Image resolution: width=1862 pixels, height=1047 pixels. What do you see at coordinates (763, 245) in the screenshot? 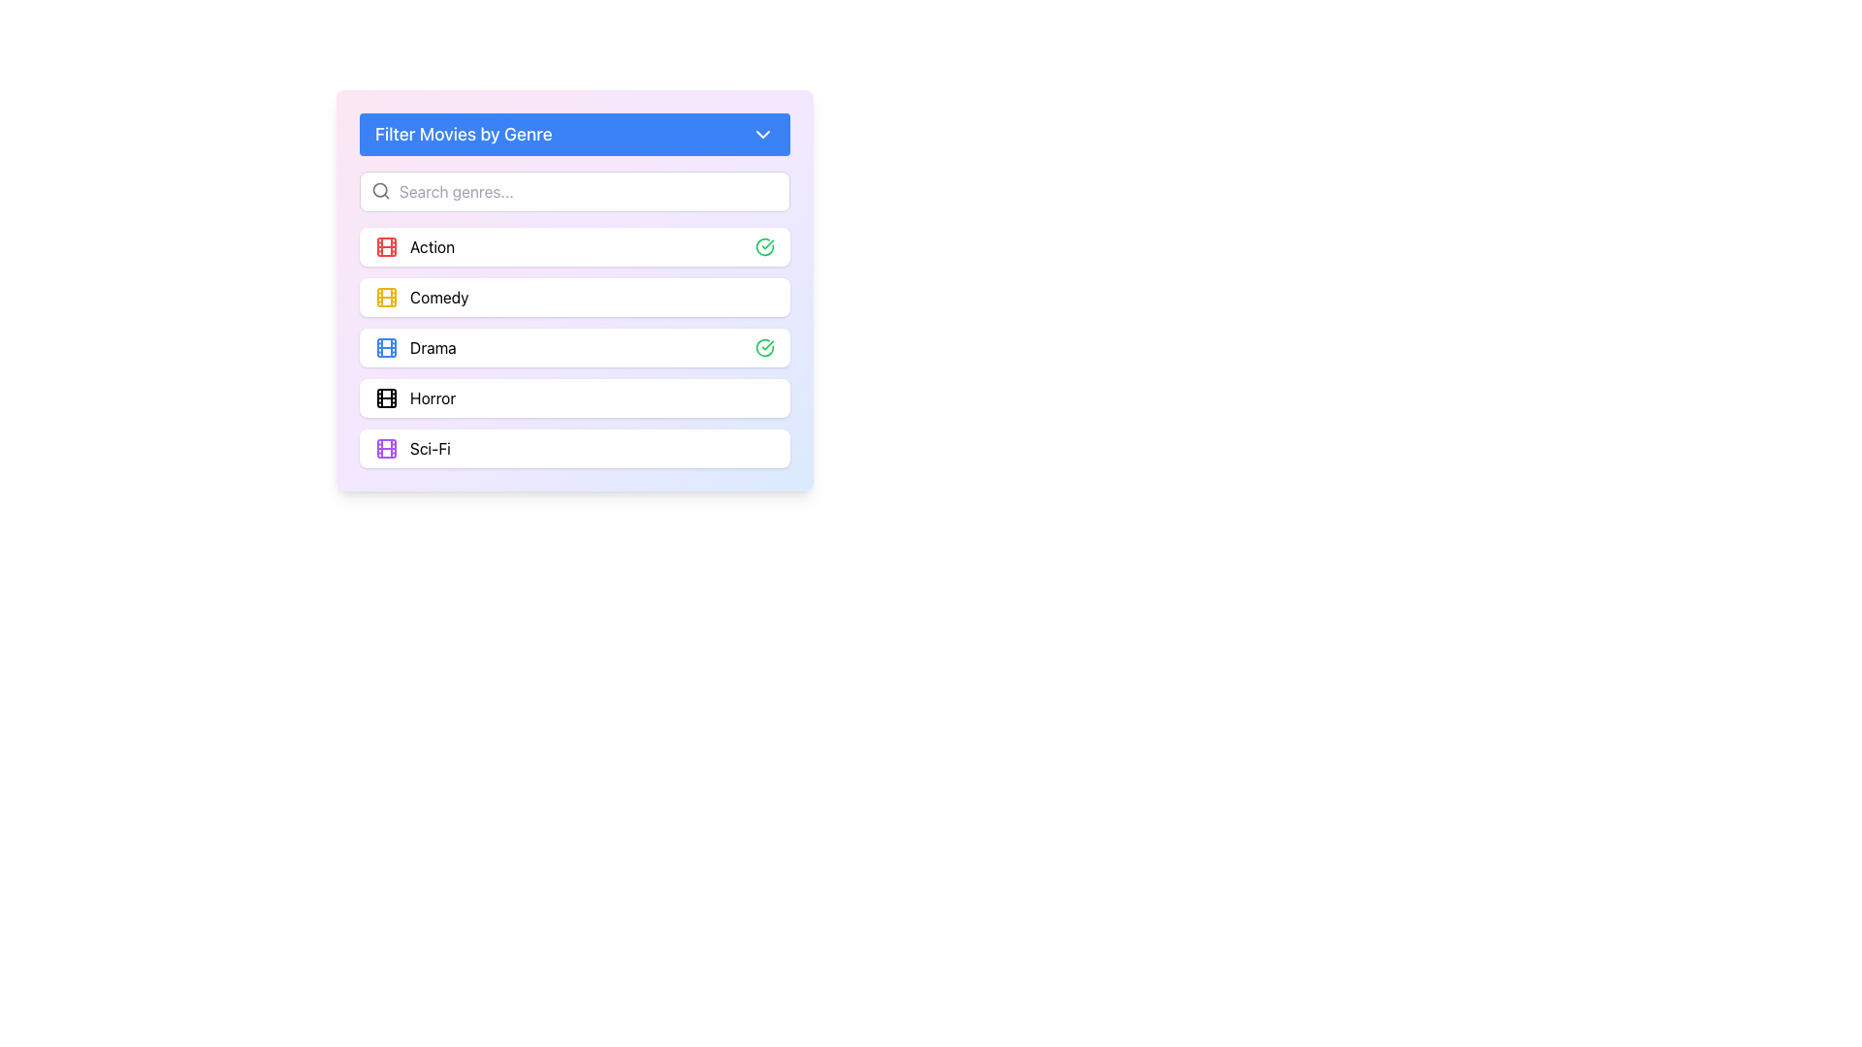
I see `the circular icon with a green outline and fill, located next to the text labeled 'Drama' in the third row from the top` at bounding box center [763, 245].